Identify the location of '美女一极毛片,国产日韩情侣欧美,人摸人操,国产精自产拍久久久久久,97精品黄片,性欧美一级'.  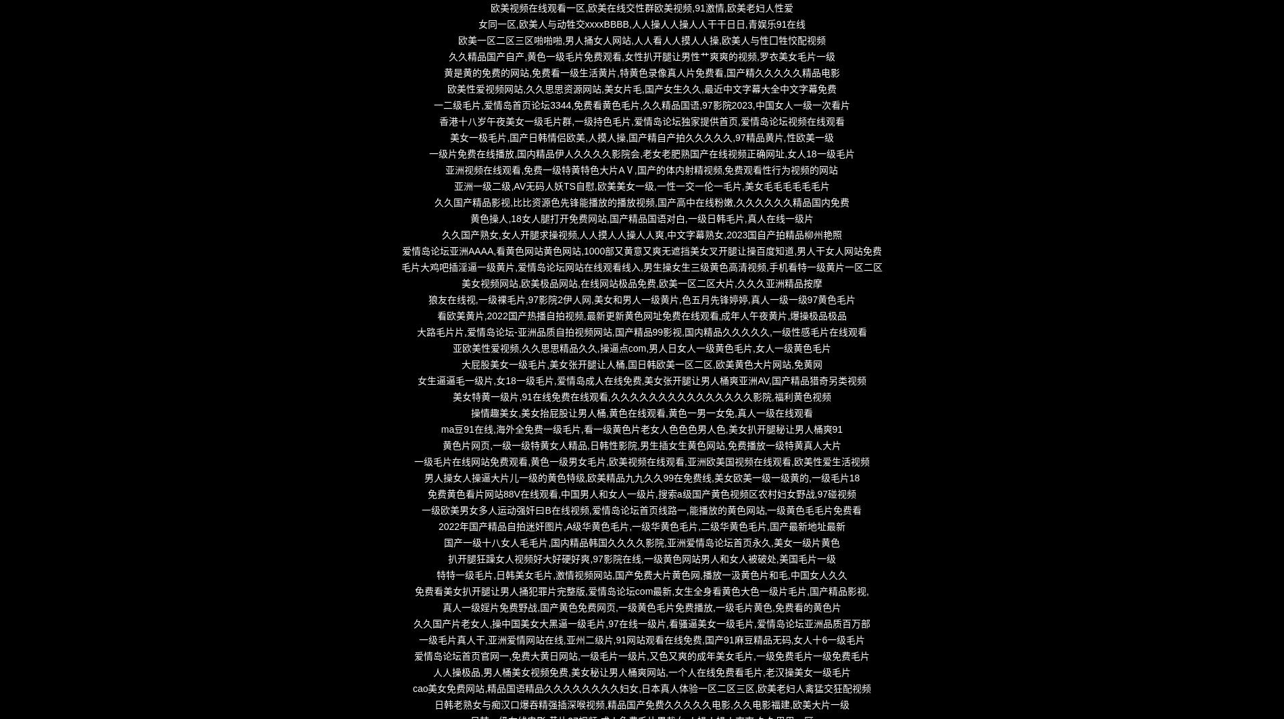
(641, 136).